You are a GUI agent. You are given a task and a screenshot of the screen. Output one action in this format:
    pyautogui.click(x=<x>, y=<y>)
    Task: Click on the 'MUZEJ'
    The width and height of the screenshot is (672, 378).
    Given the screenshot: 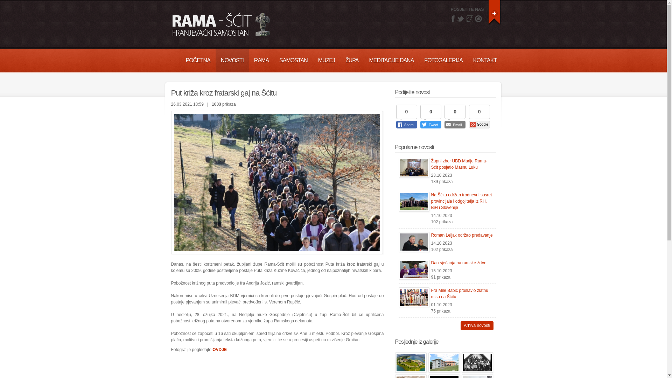 What is the action you would take?
    pyautogui.click(x=326, y=60)
    